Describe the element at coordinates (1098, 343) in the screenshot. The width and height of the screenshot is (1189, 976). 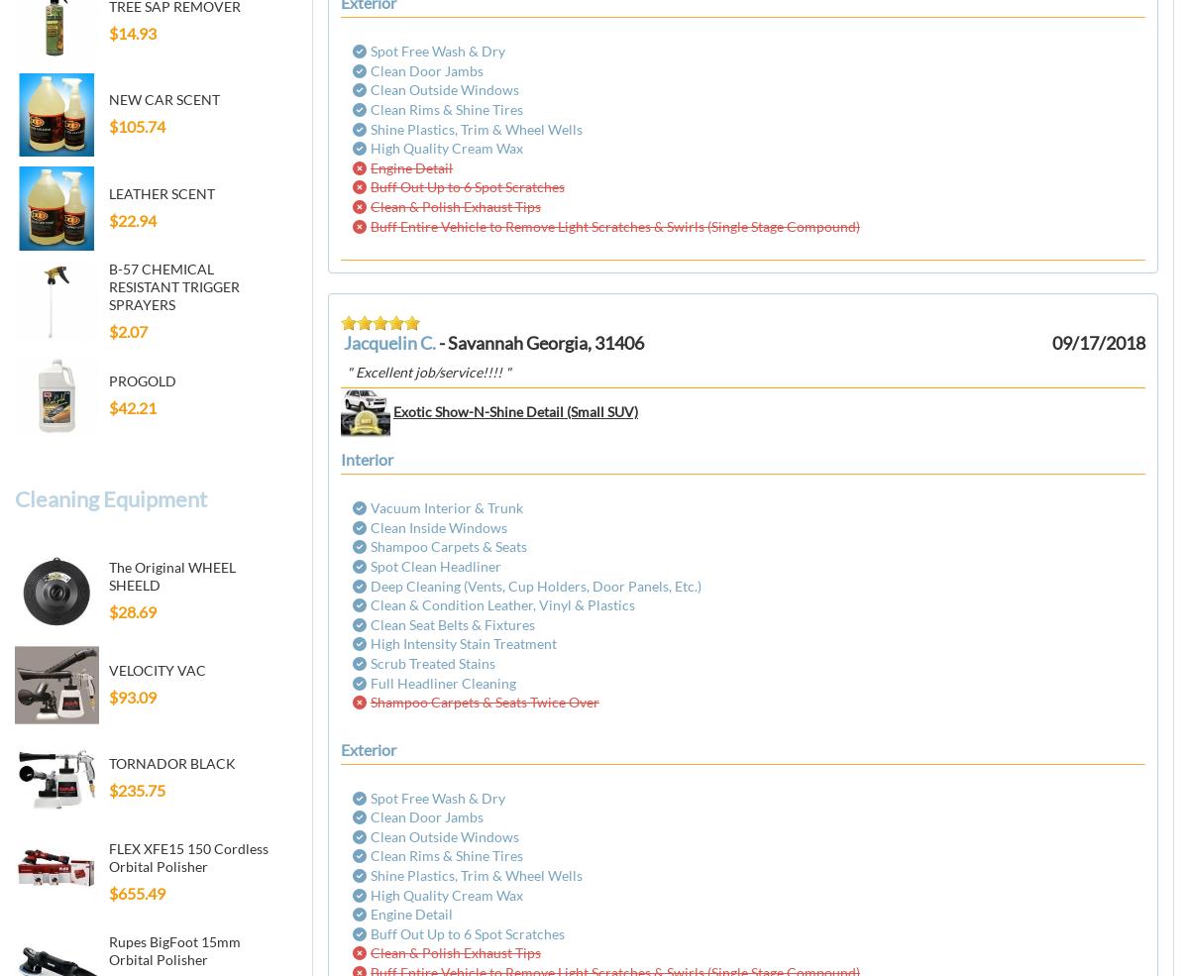
I see `'09/17/2018'` at that location.